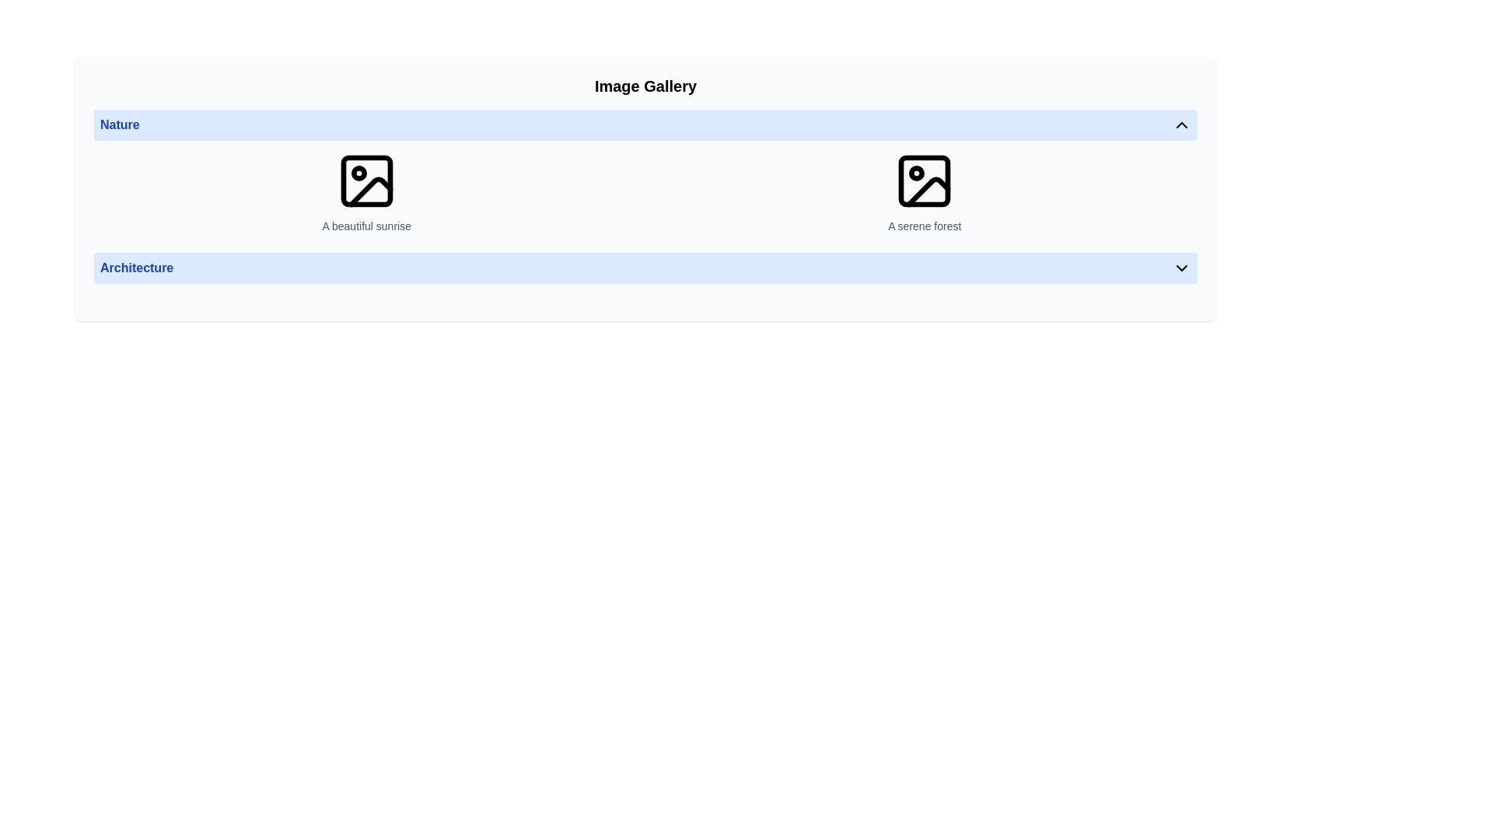 Image resolution: width=1493 pixels, height=840 pixels. What do you see at coordinates (1182, 124) in the screenshot?
I see `the Chevron-up icon located at the top-right corner of the Nature section header in the Image Gallery layout for keyboard interaction` at bounding box center [1182, 124].